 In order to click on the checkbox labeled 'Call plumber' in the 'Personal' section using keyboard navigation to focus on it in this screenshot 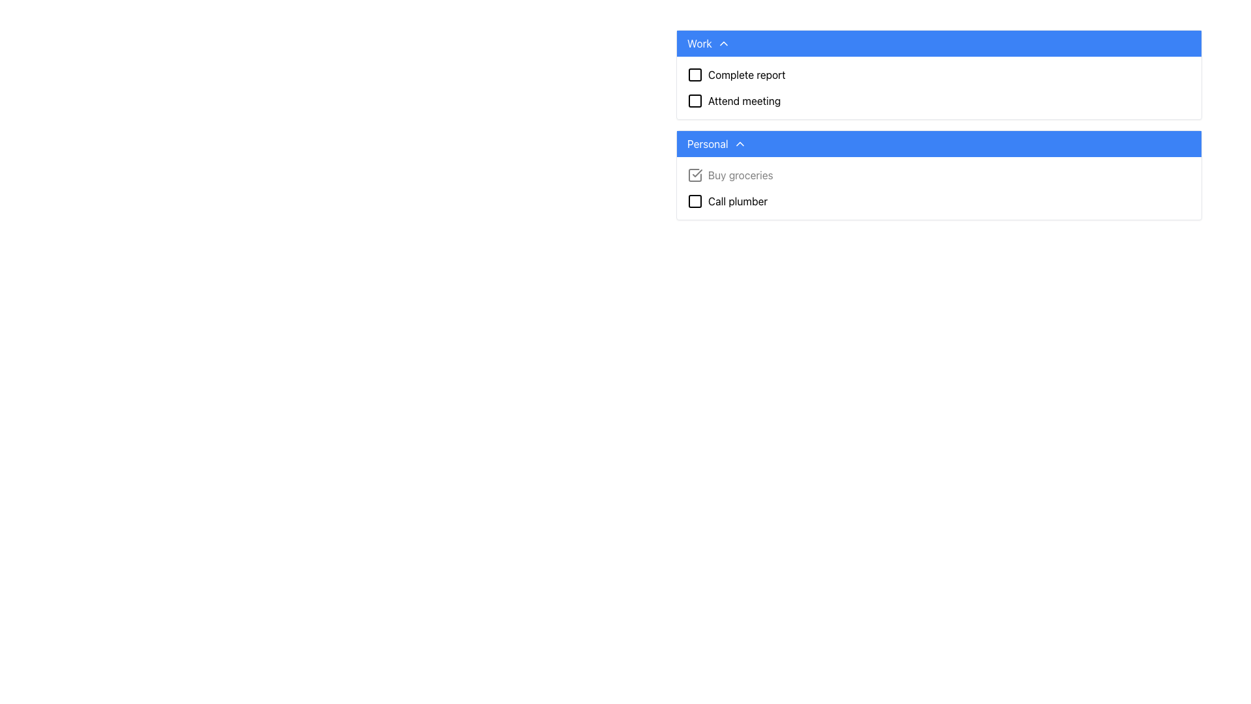, I will do `click(939, 201)`.